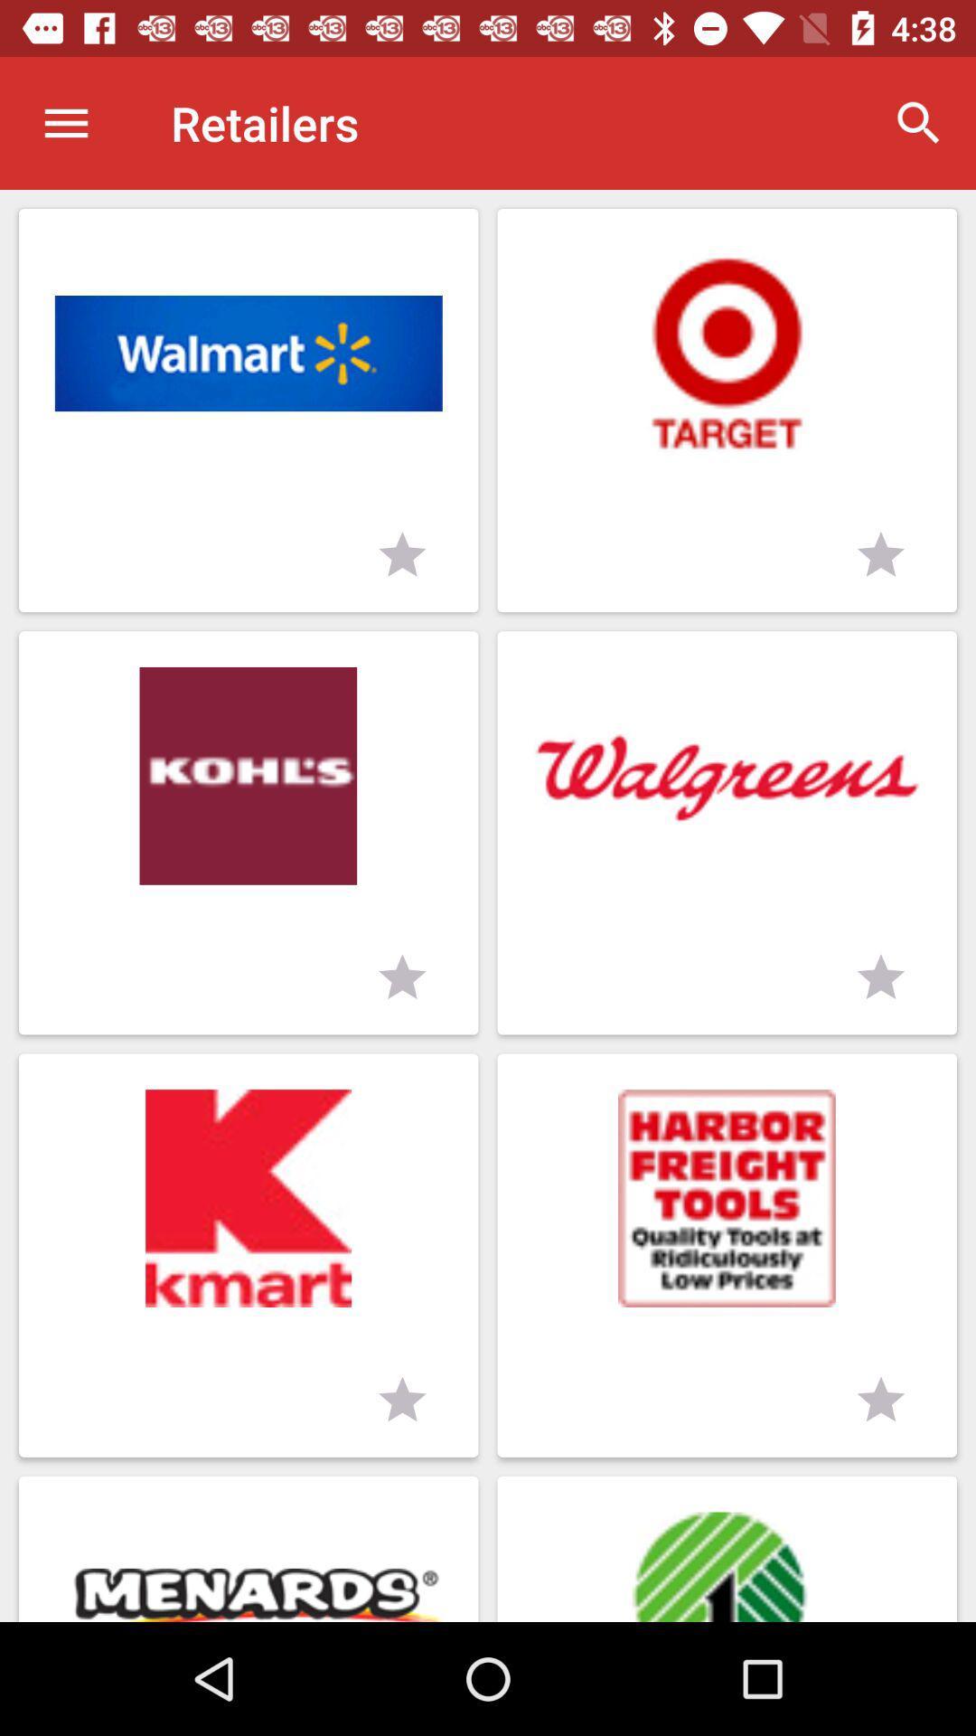 This screenshot has height=1736, width=976. Describe the element at coordinates (880, 1400) in the screenshot. I see `star in third row second image` at that location.